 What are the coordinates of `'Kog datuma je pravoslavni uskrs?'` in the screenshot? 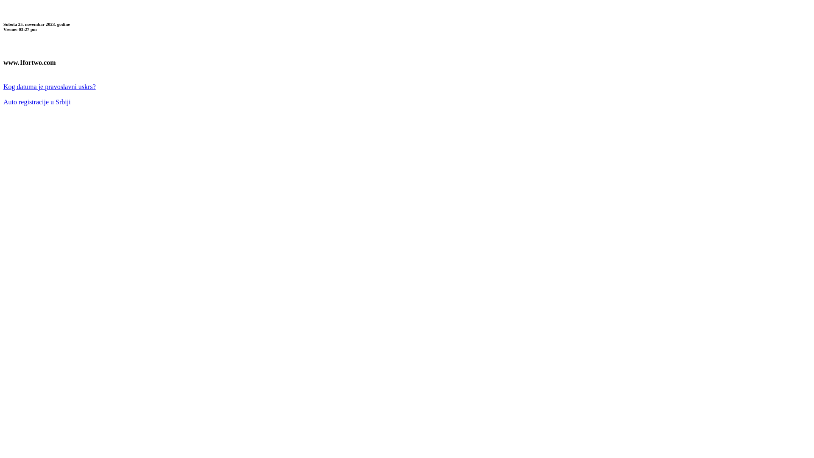 It's located at (3, 87).